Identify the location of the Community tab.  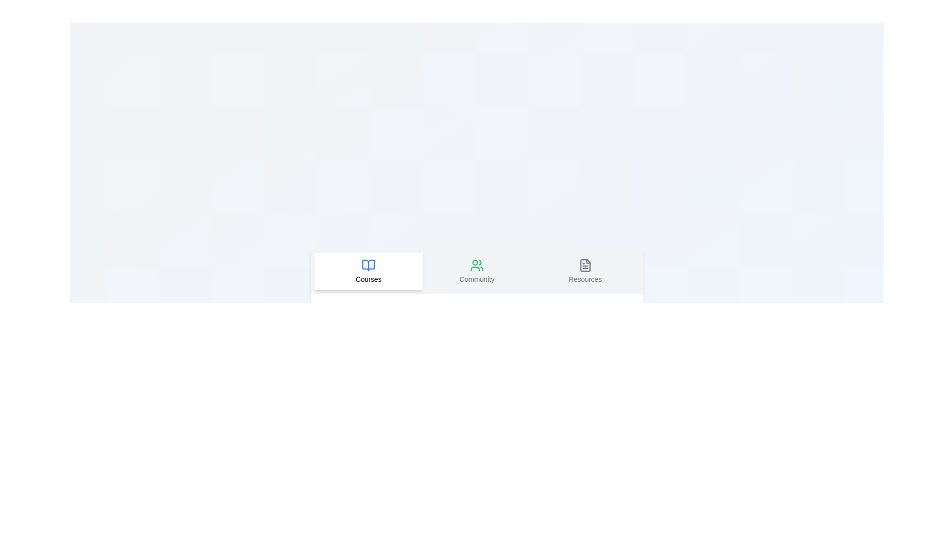
(477, 271).